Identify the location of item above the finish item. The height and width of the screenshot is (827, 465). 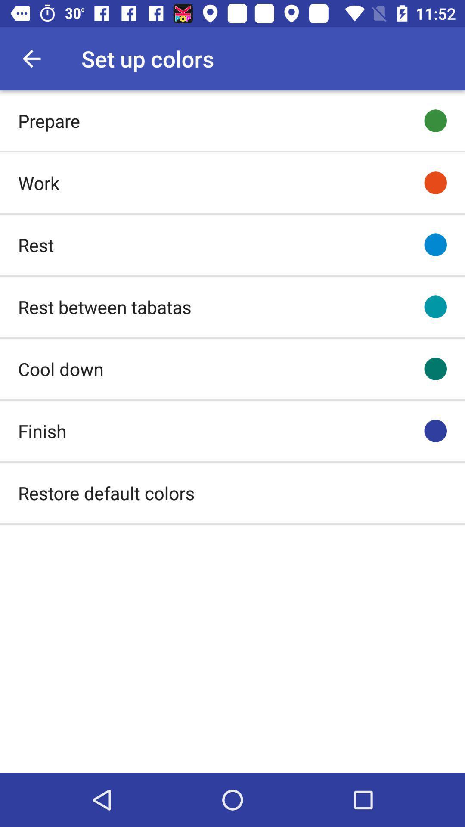
(60, 369).